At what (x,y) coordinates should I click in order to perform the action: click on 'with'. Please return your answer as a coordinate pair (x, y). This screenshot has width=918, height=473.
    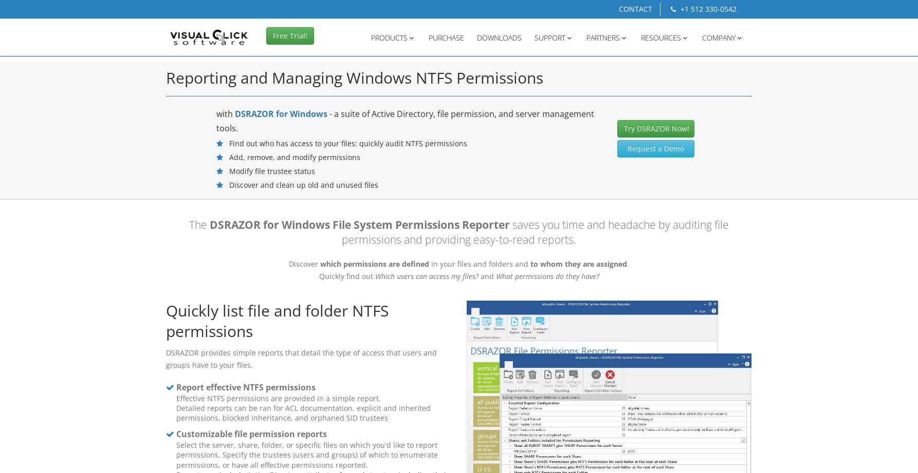
    Looking at the image, I should click on (216, 114).